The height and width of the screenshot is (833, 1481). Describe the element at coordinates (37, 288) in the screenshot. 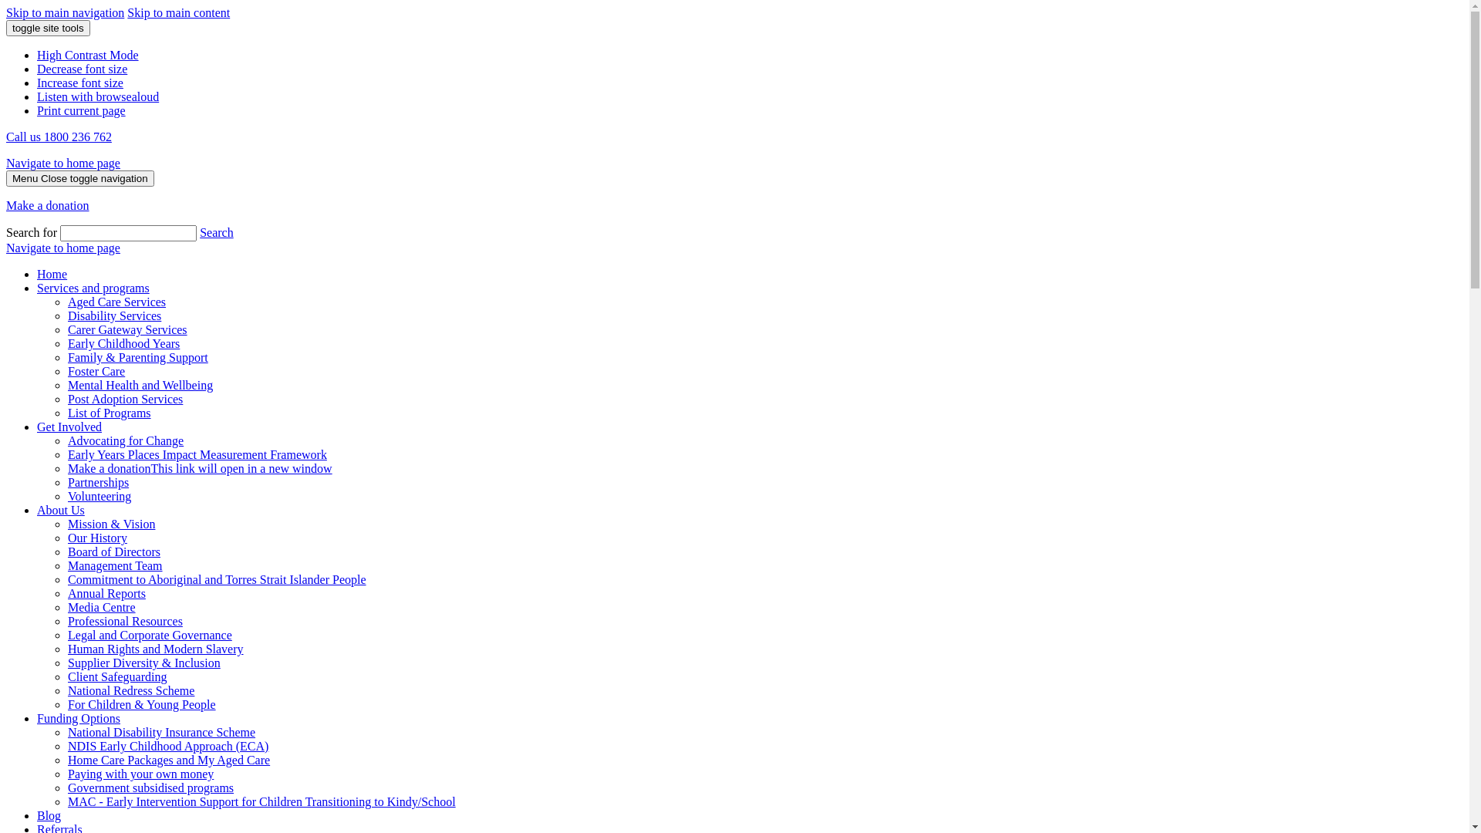

I see `'Services and programs'` at that location.